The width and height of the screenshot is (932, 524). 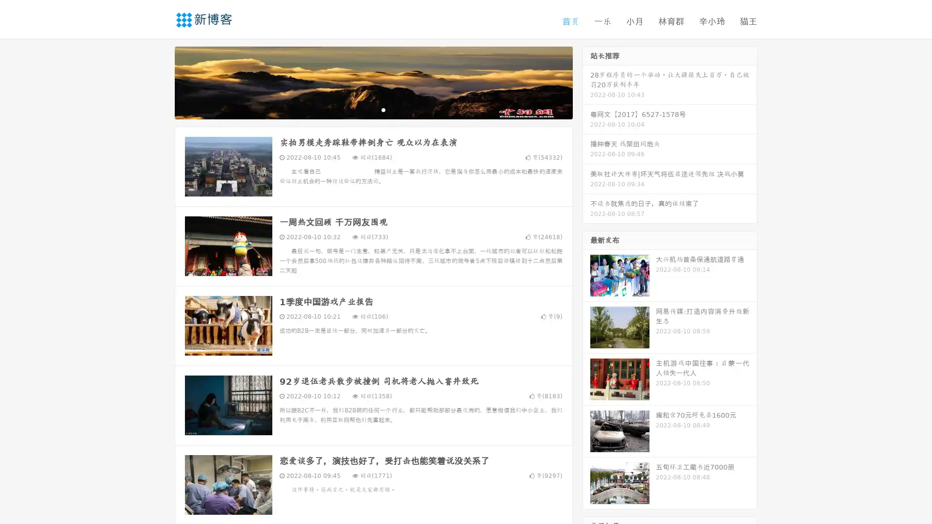 What do you see at coordinates (383, 109) in the screenshot?
I see `Go to slide 3` at bounding box center [383, 109].